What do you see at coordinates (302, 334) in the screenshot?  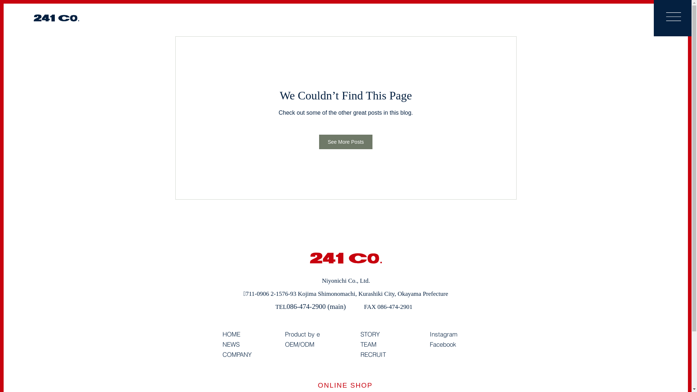 I see `'Product by e'` at bounding box center [302, 334].